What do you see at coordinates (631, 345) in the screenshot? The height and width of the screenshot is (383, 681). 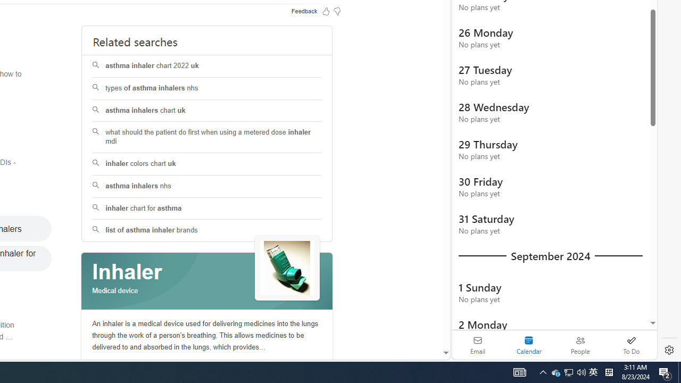 I see `'To Do'` at bounding box center [631, 345].